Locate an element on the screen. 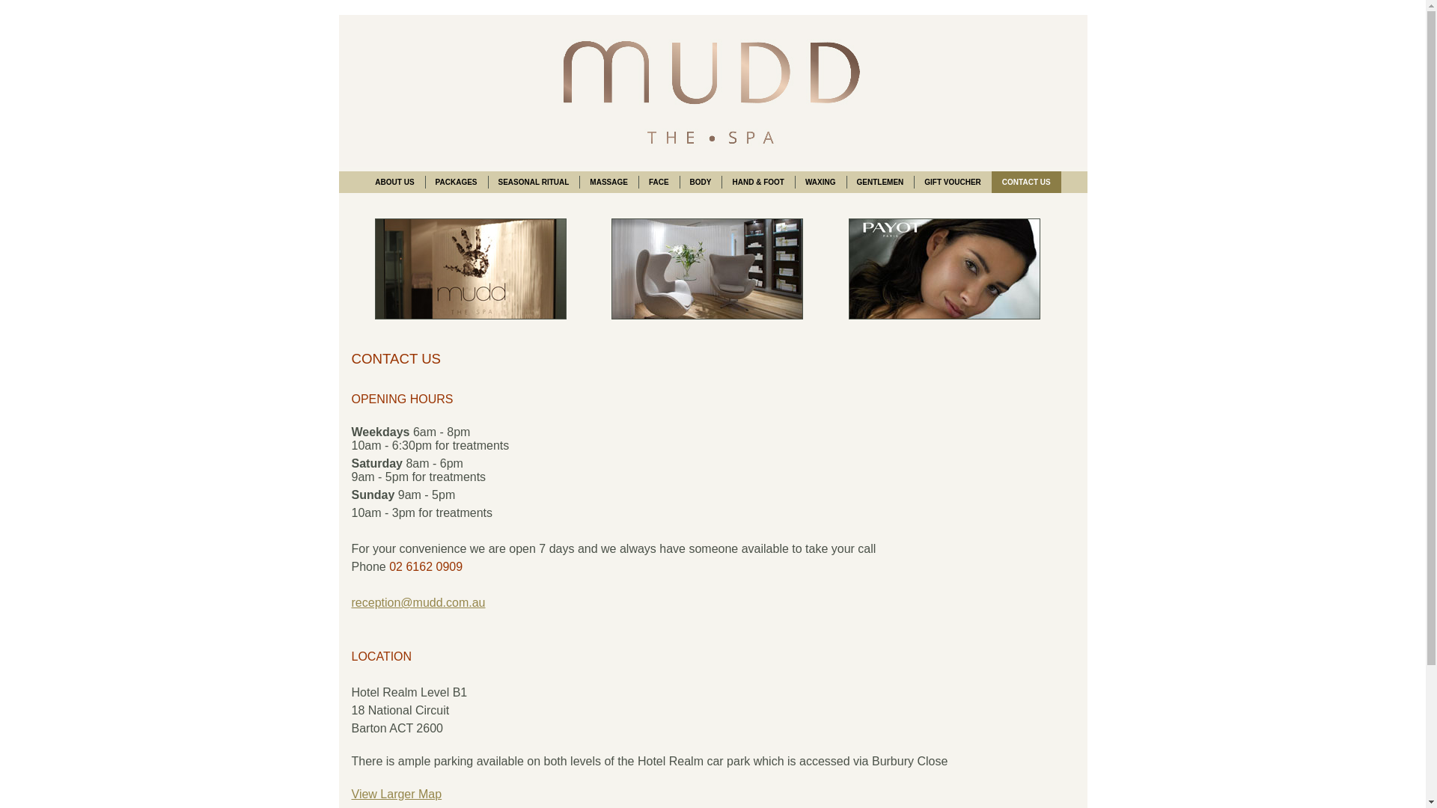  'HAND & FOOT' is located at coordinates (757, 181).